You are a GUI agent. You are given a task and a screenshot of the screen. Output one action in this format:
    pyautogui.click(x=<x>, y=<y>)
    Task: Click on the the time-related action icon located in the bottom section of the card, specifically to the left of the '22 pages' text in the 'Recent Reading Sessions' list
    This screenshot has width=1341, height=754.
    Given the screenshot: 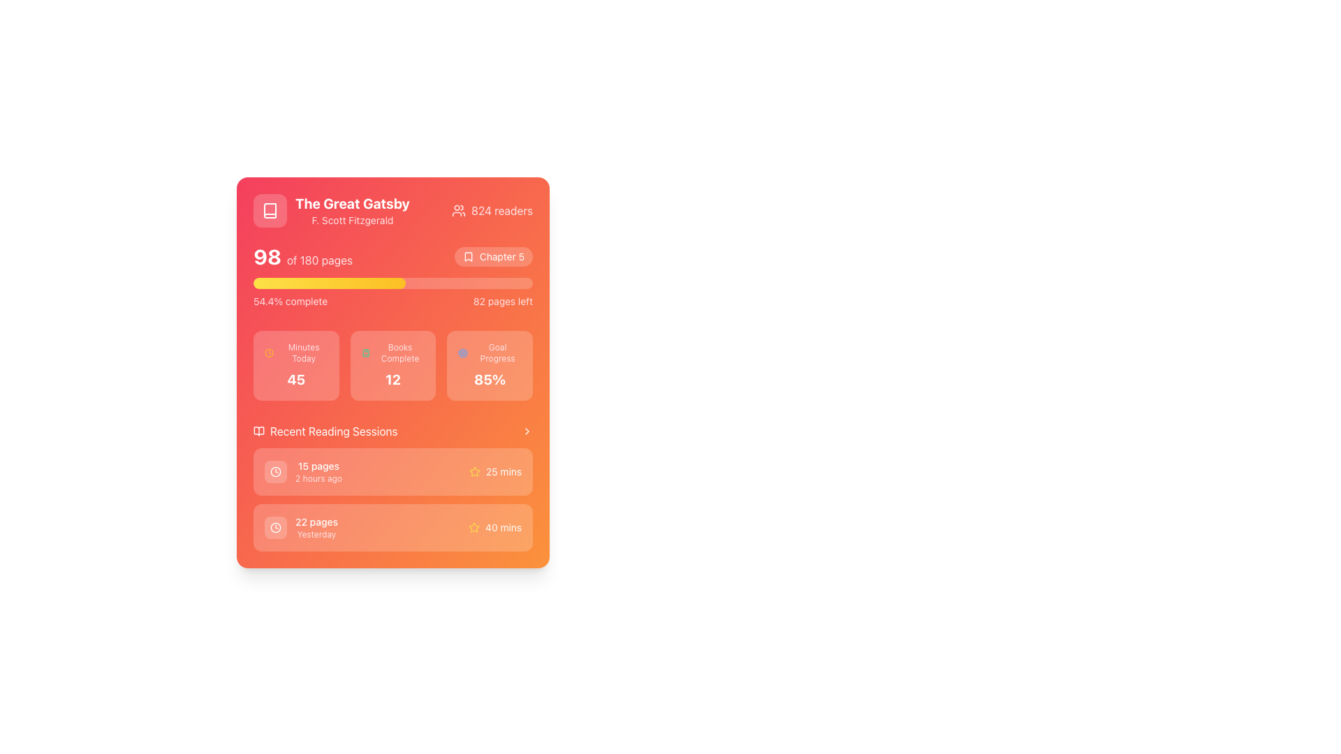 What is the action you would take?
    pyautogui.click(x=275, y=528)
    